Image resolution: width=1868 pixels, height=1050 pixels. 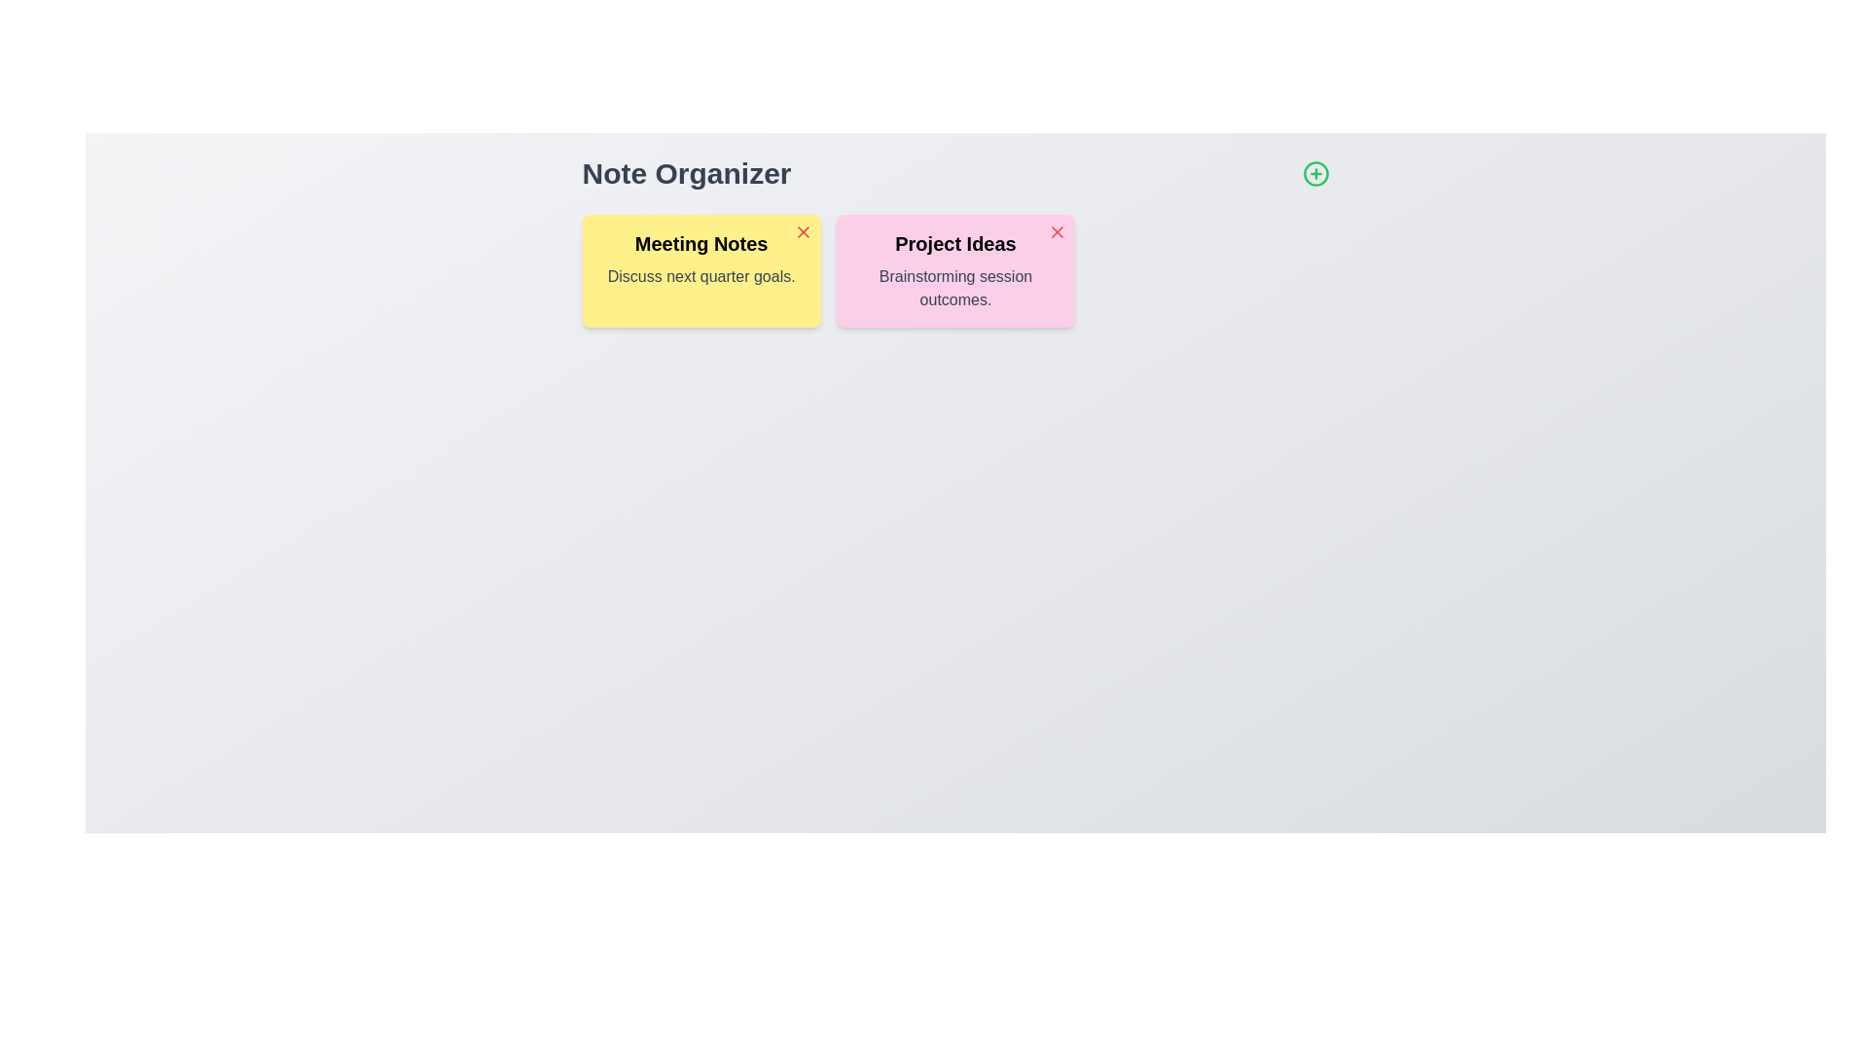 I want to click on the descriptive text related to the 'Project Ideas' section, which is located within a pink card beneath the bold text 'Project Ideas', so click(x=955, y=289).